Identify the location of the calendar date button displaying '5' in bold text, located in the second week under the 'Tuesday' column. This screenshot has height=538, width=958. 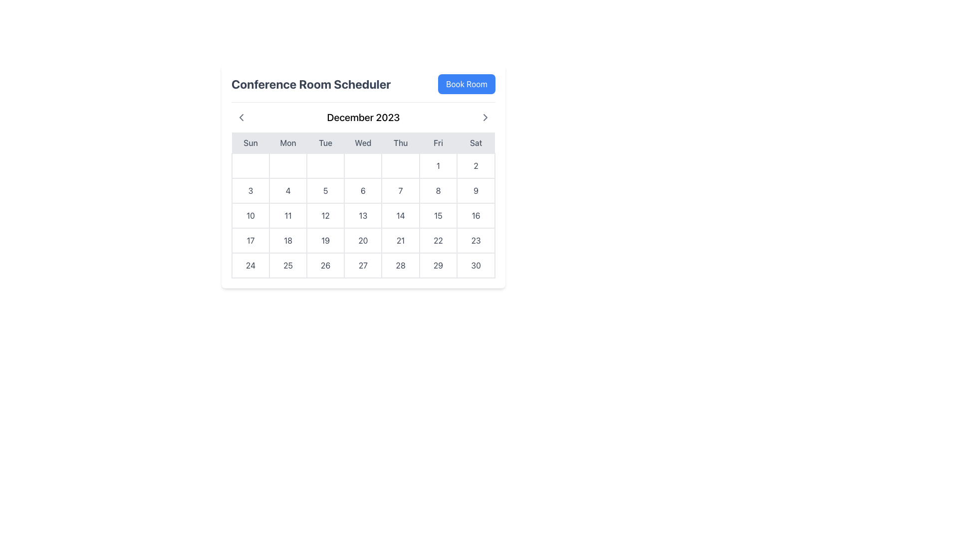
(325, 190).